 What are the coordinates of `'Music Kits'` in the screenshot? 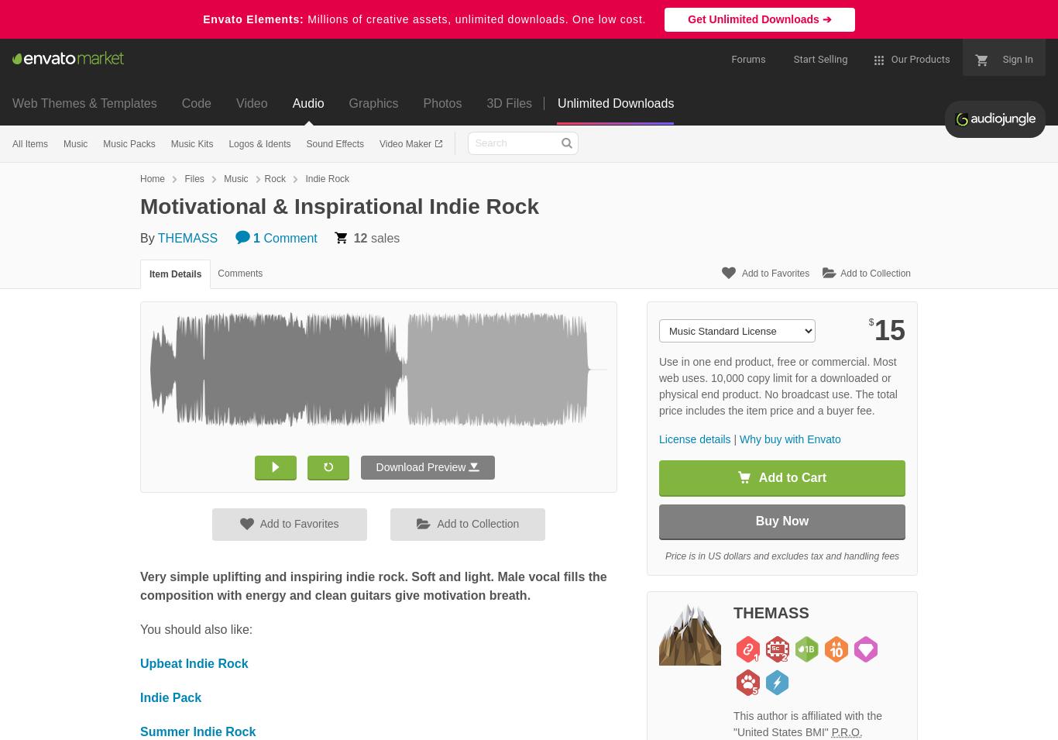 It's located at (191, 144).